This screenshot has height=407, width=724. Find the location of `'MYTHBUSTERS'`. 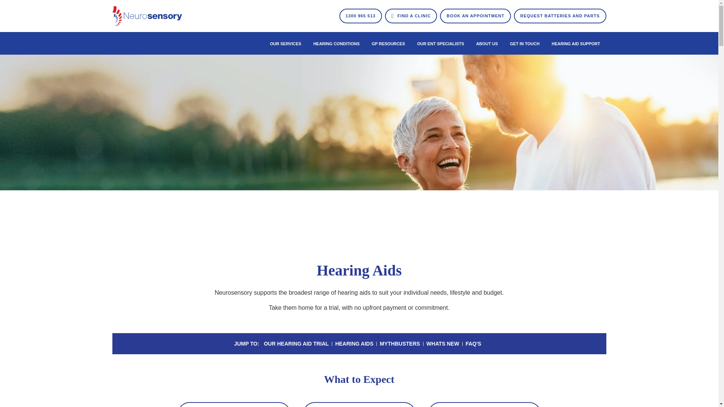

'MYTHBUSTERS' is located at coordinates (399, 344).